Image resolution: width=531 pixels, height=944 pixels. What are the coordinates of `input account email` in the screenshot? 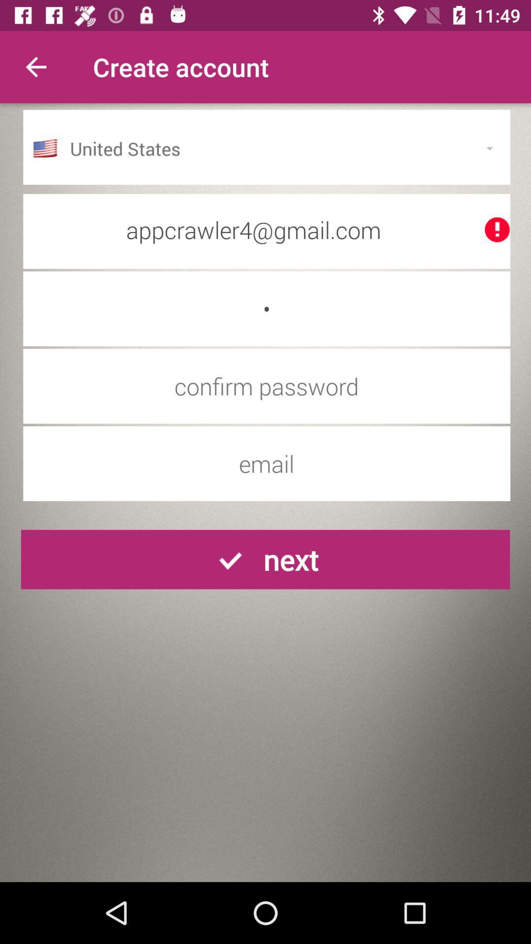 It's located at (266, 463).